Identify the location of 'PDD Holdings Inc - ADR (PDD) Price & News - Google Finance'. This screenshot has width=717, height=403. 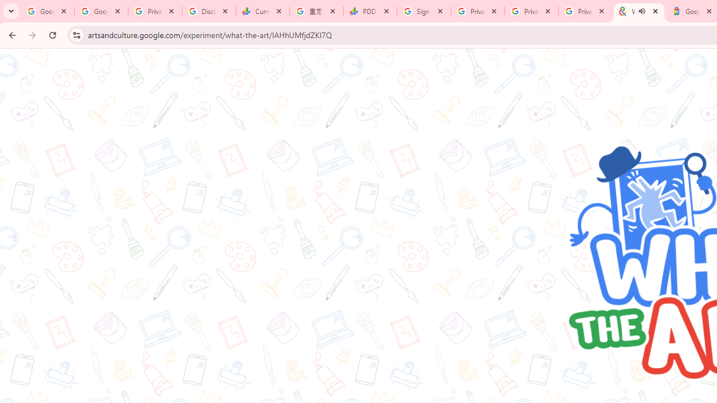
(370, 11).